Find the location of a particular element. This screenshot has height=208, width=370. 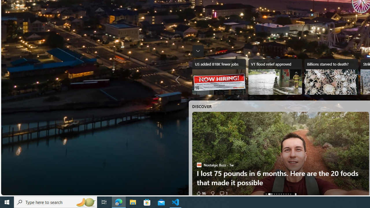

'AutomationID: tab-9' is located at coordinates (290, 194).